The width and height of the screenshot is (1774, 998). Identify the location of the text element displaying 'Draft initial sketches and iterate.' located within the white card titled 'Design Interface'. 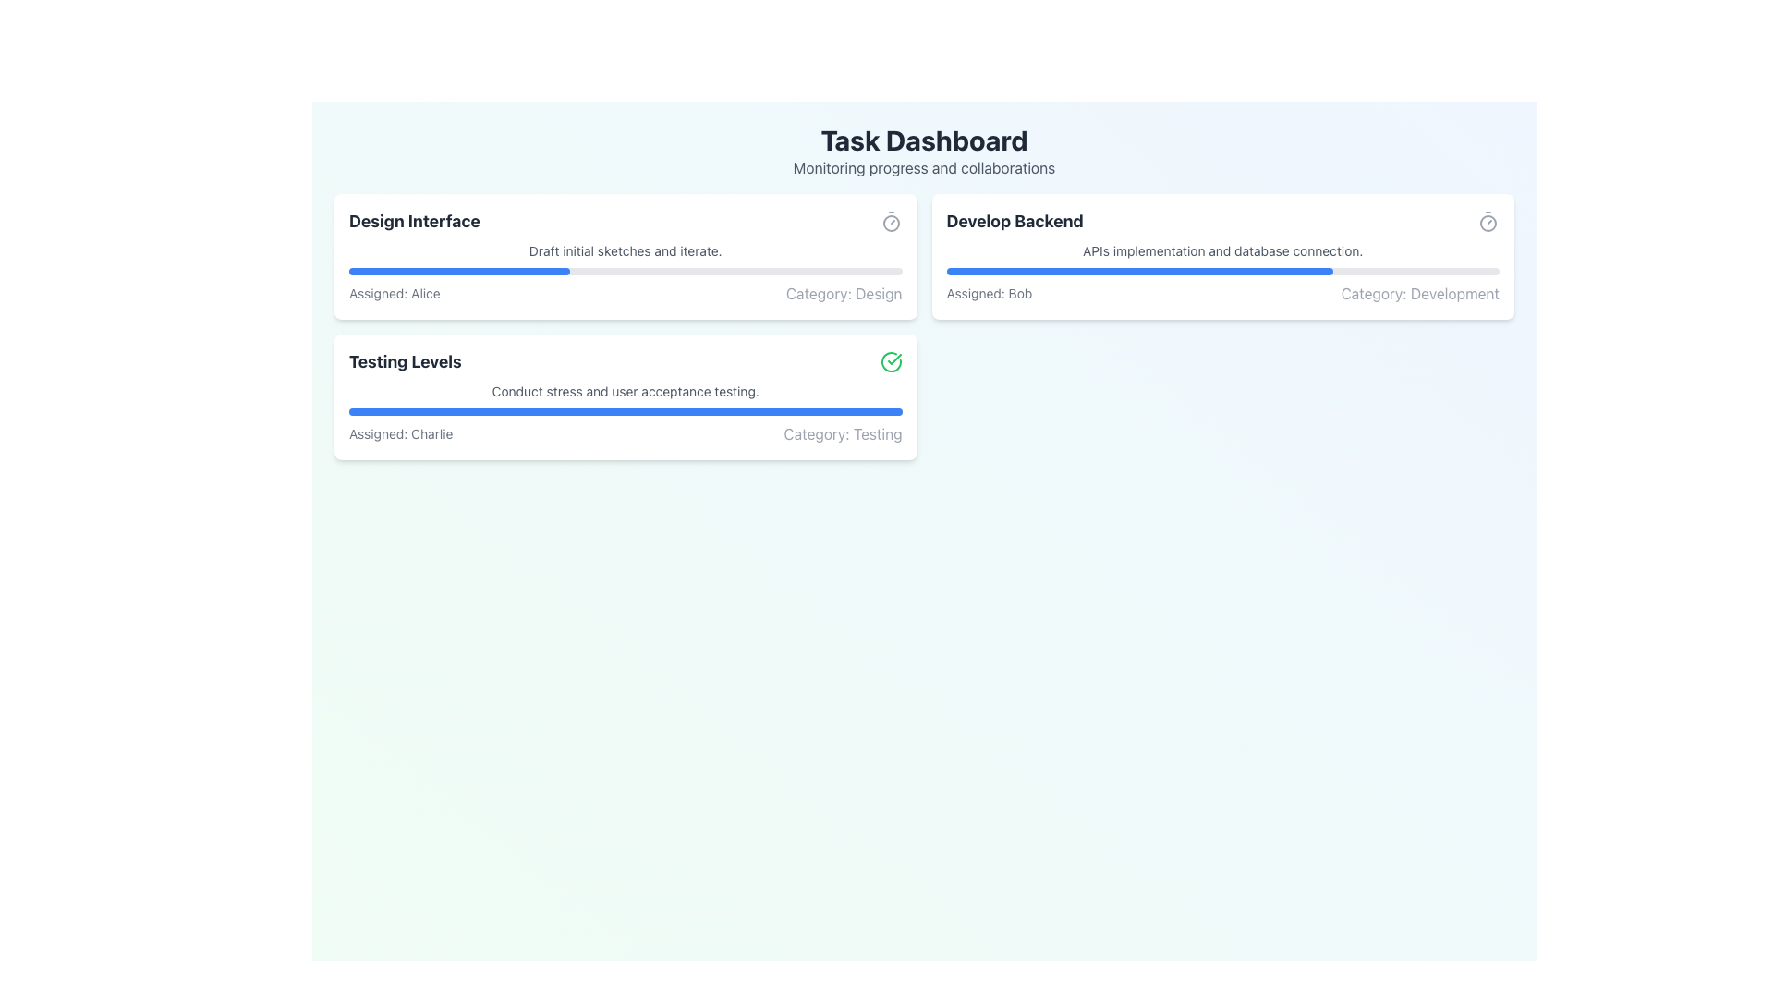
(626, 251).